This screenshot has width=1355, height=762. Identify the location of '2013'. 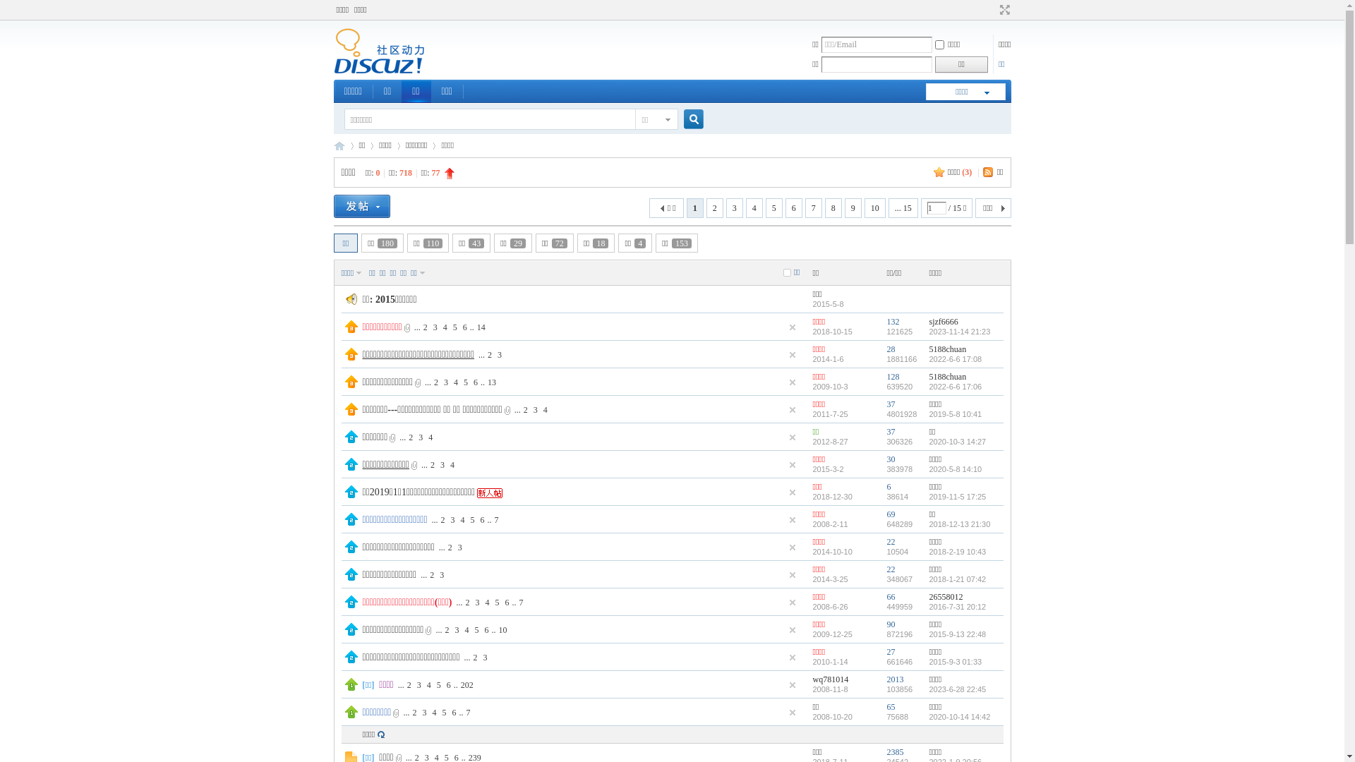
(893, 679).